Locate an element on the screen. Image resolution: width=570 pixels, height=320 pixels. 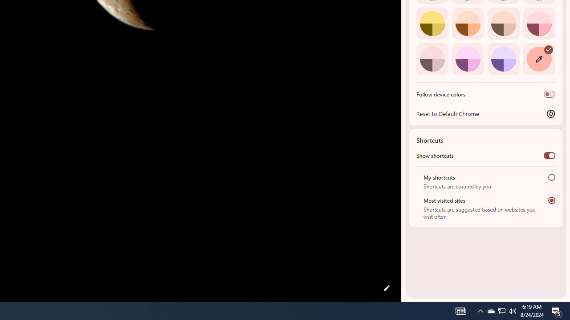
'Citron' is located at coordinates (432, 23).